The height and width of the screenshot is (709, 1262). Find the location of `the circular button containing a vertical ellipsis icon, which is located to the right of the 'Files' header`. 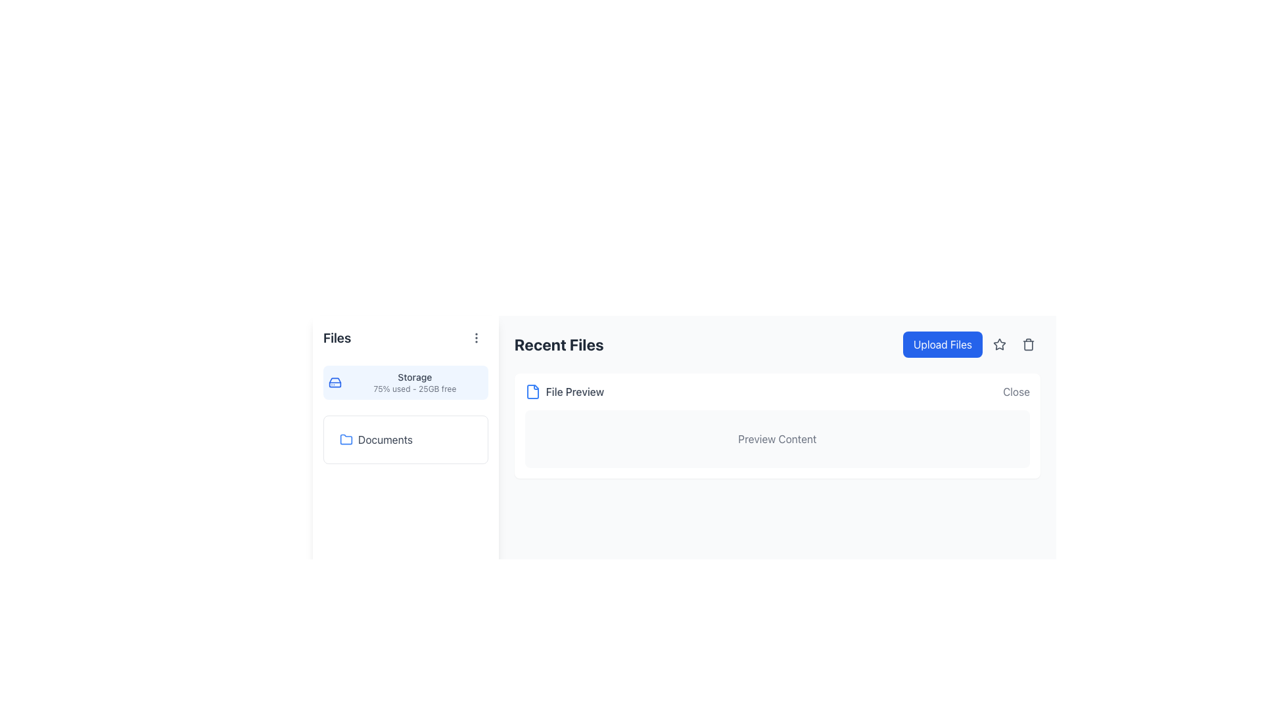

the circular button containing a vertical ellipsis icon, which is located to the right of the 'Files' header is located at coordinates (475, 337).